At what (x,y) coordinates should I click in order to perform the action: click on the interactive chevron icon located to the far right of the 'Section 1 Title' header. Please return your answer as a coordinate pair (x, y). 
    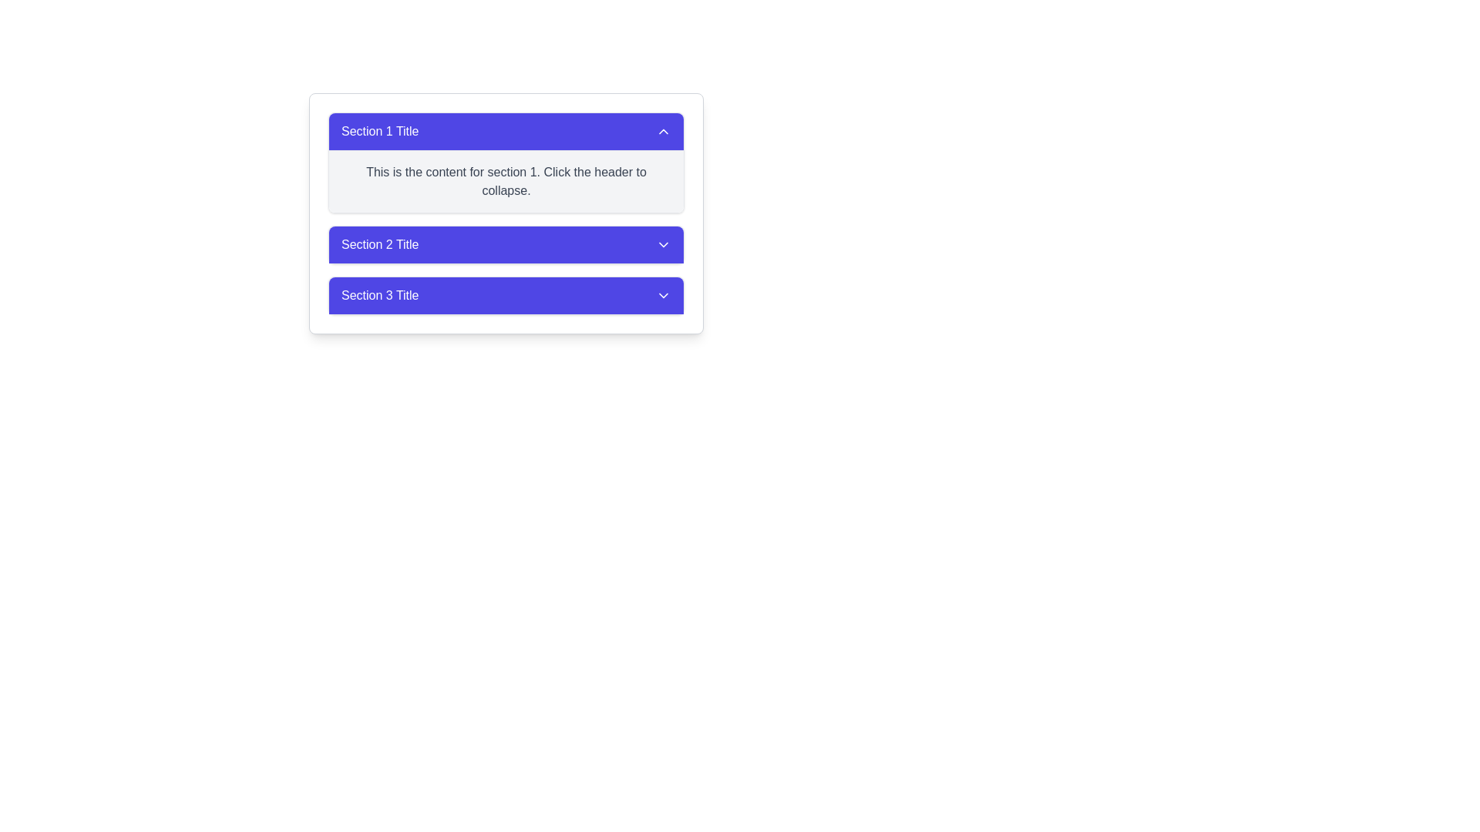
    Looking at the image, I should click on (663, 130).